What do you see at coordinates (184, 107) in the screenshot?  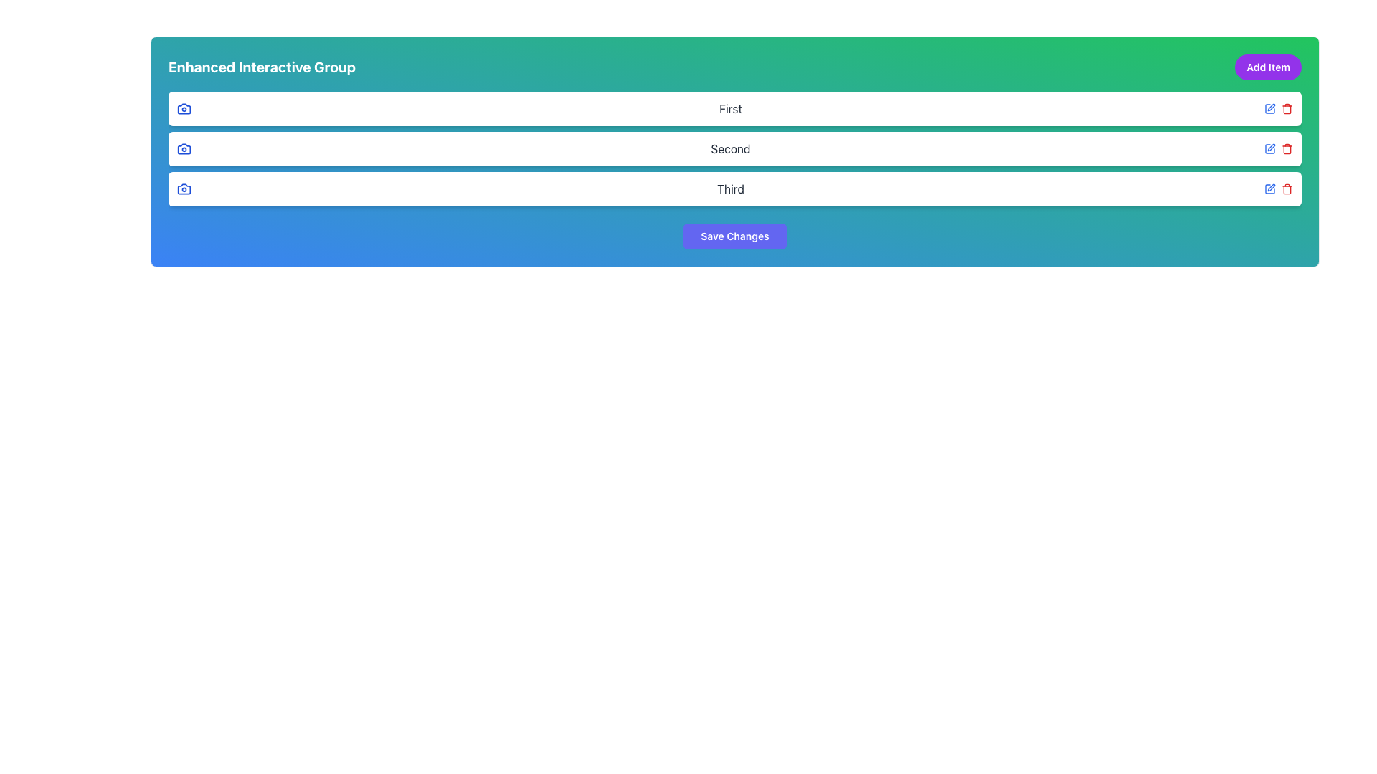 I see `the decorative icon that represents capturing or viewing images within the camera icon in the uppermost row of the 'Enhanced Interactive Group' section` at bounding box center [184, 107].